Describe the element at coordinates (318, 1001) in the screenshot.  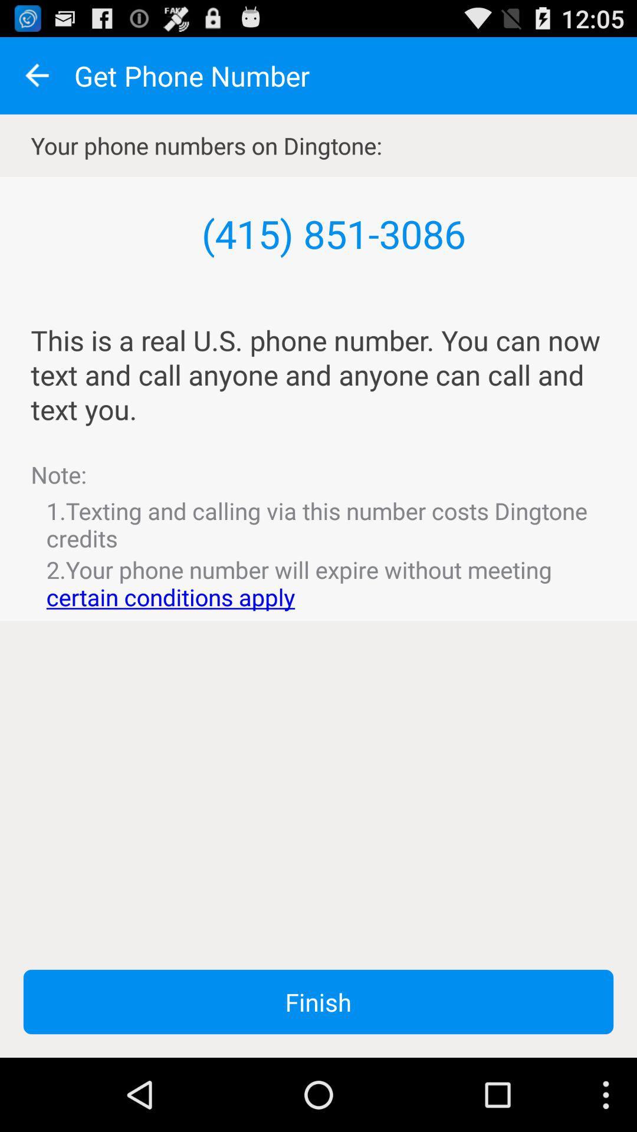
I see `the finish item` at that location.